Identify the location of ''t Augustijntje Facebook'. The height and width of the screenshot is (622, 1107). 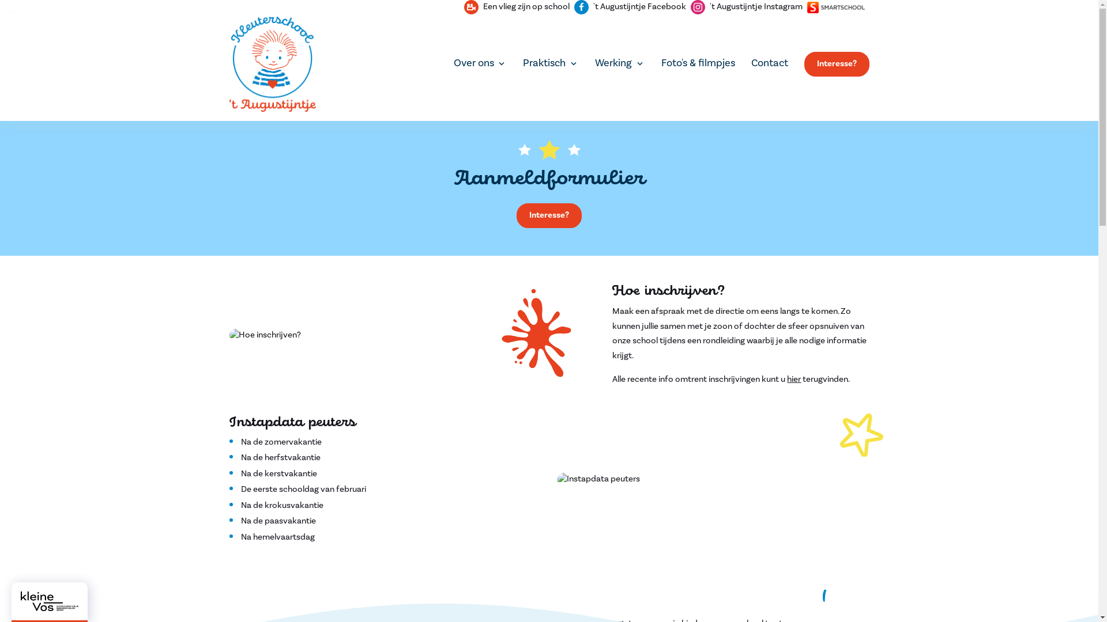
(574, 7).